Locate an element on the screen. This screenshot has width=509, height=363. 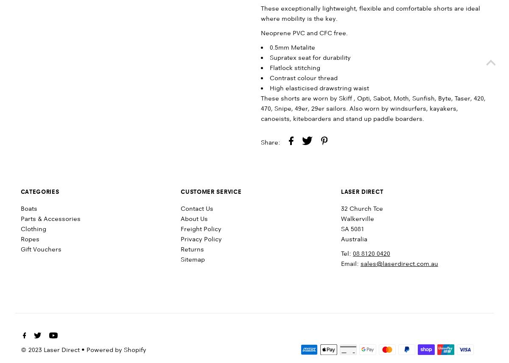
'High elasticised drawstring waist' is located at coordinates (270, 88).